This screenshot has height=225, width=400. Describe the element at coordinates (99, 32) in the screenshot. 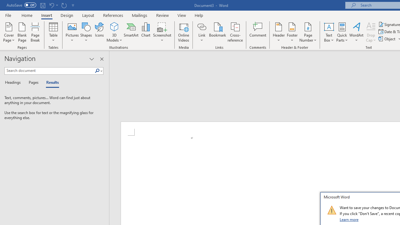

I see `'Icons'` at that location.